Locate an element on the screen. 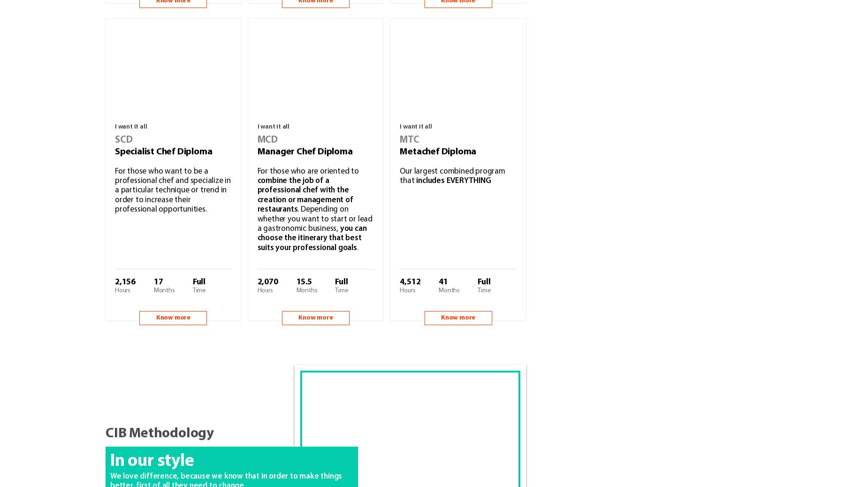 The height and width of the screenshot is (487, 868). 'Metachef Diploma' is located at coordinates (437, 152).